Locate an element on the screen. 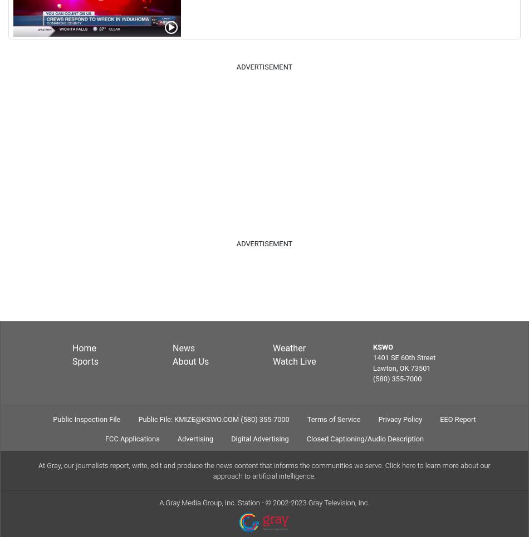  'Advertising' is located at coordinates (176, 437).